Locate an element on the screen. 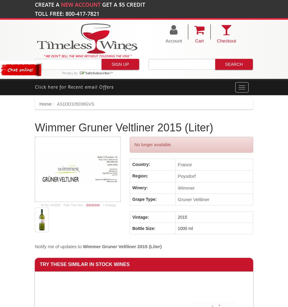 The height and width of the screenshot is (307, 288). 'Poysdorf' is located at coordinates (177, 176).